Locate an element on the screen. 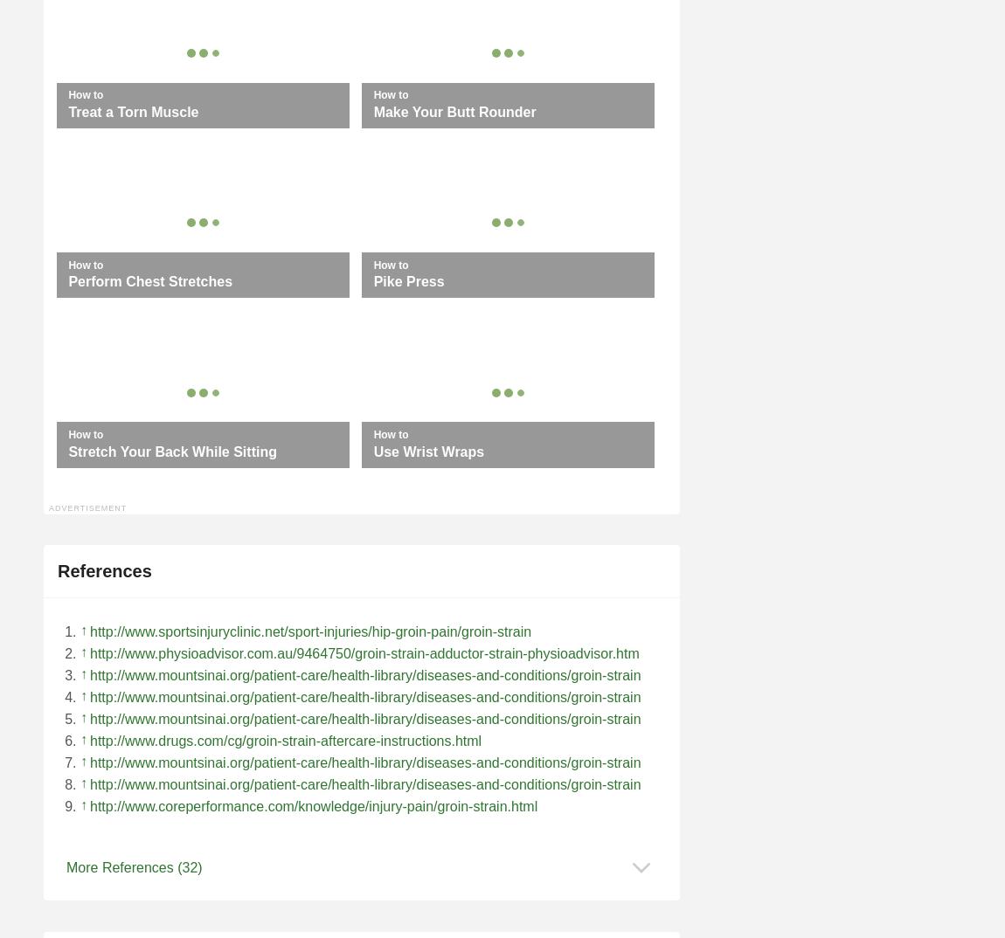 The width and height of the screenshot is (1005, 938). 'Use Wrist Wraps' is located at coordinates (428, 451).